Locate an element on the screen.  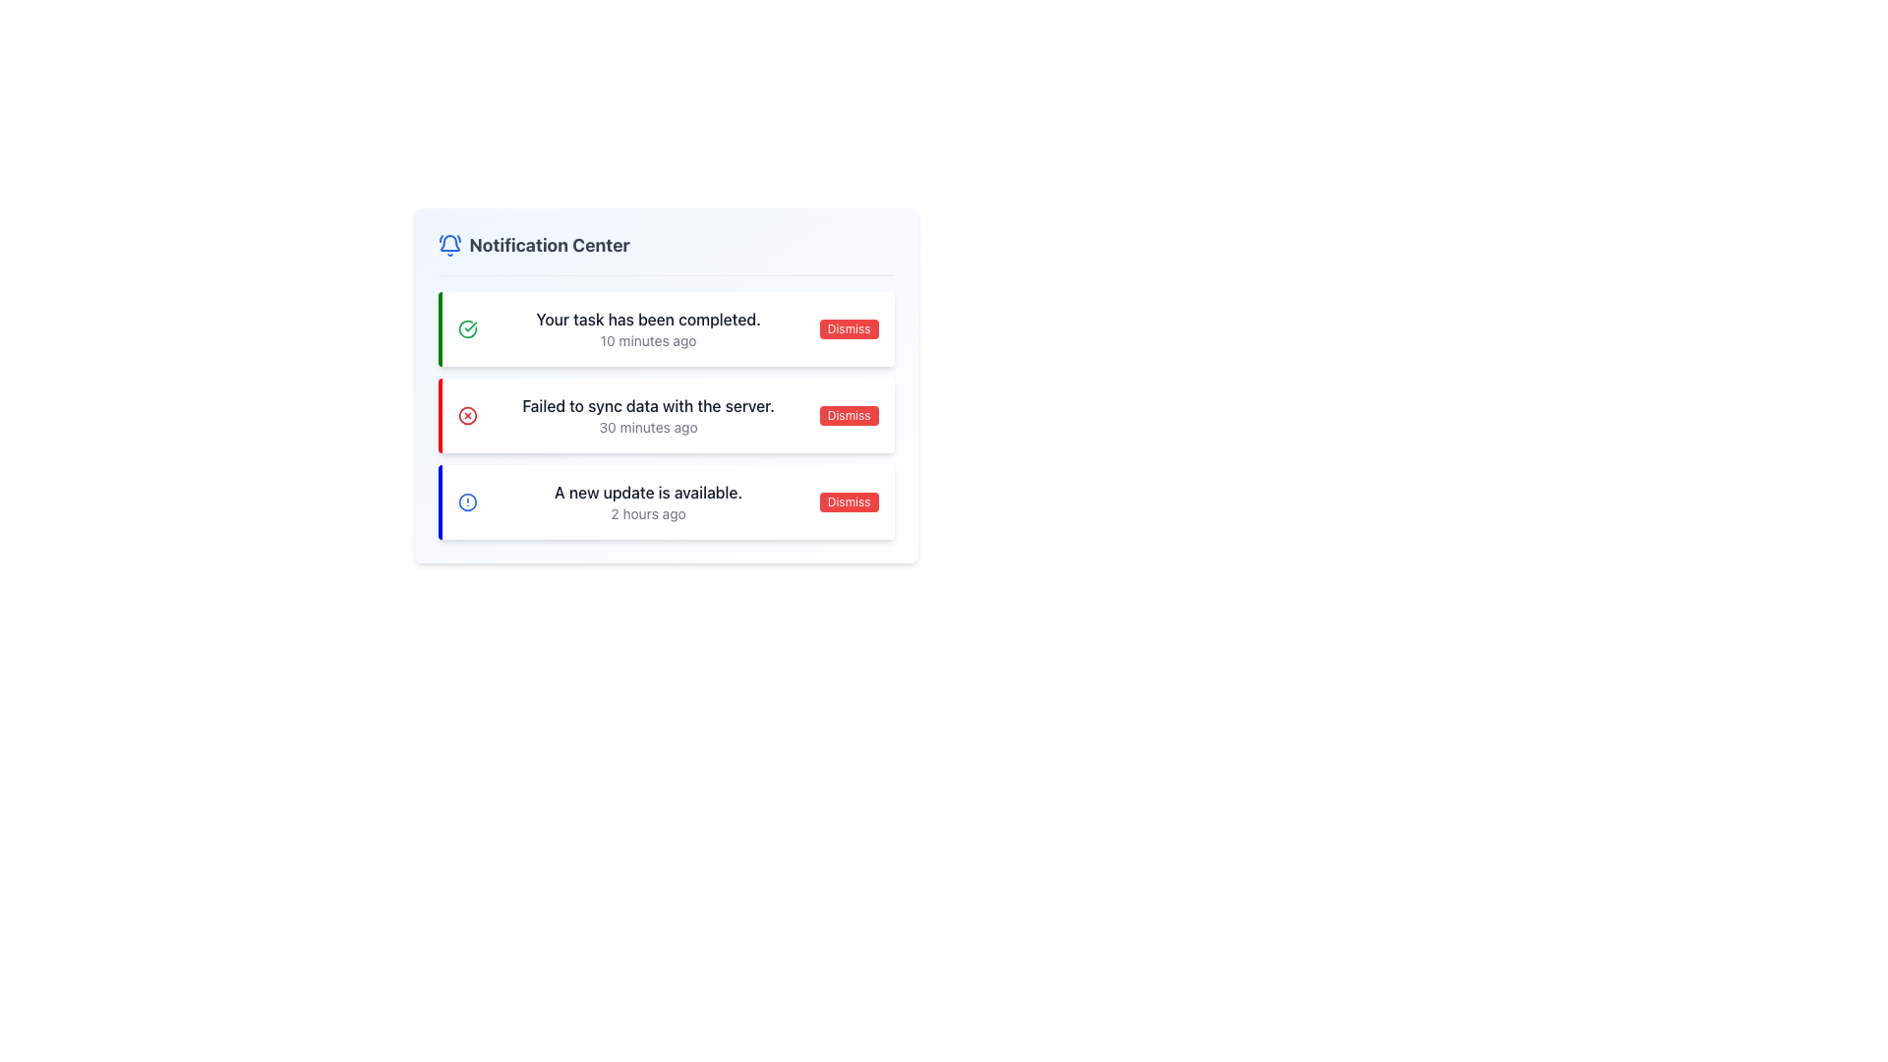
bold message and timestamp in the third notification block under the 'Notification Center' header is located at coordinates (666, 501).